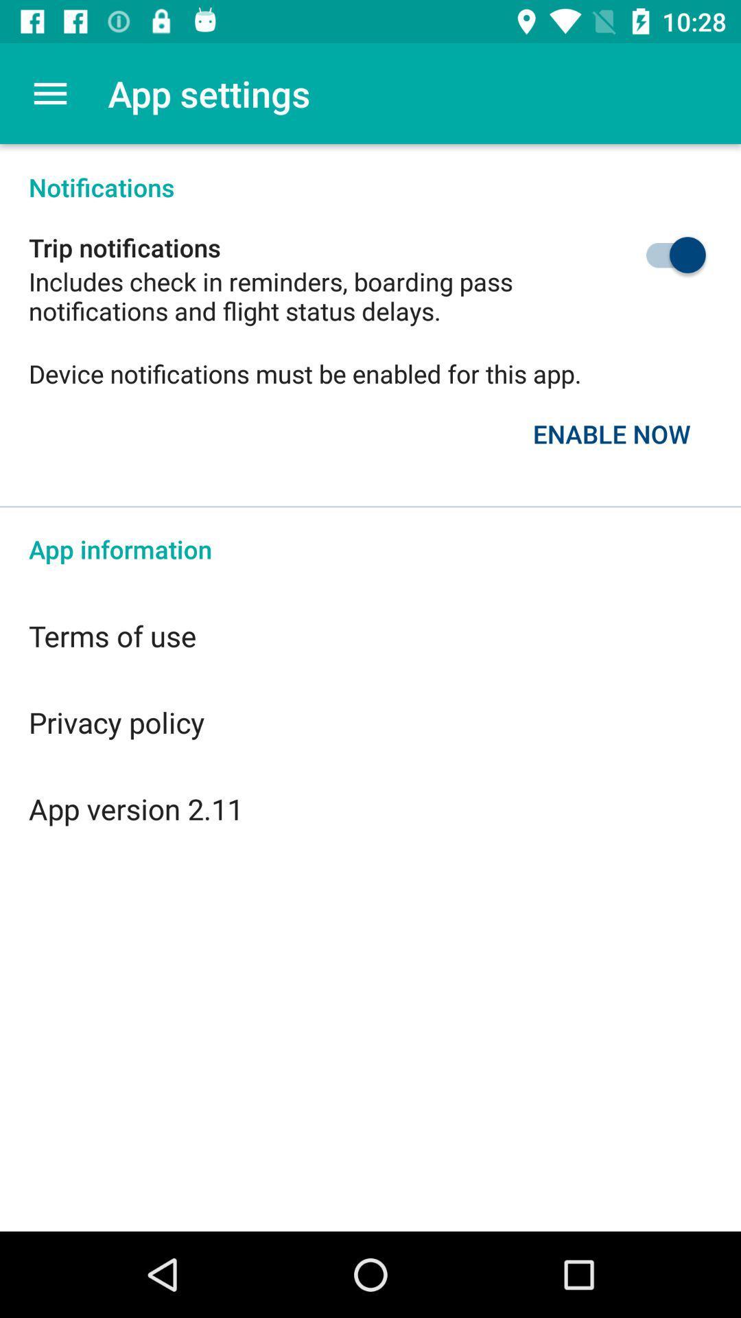  I want to click on the enable now item, so click(611, 433).